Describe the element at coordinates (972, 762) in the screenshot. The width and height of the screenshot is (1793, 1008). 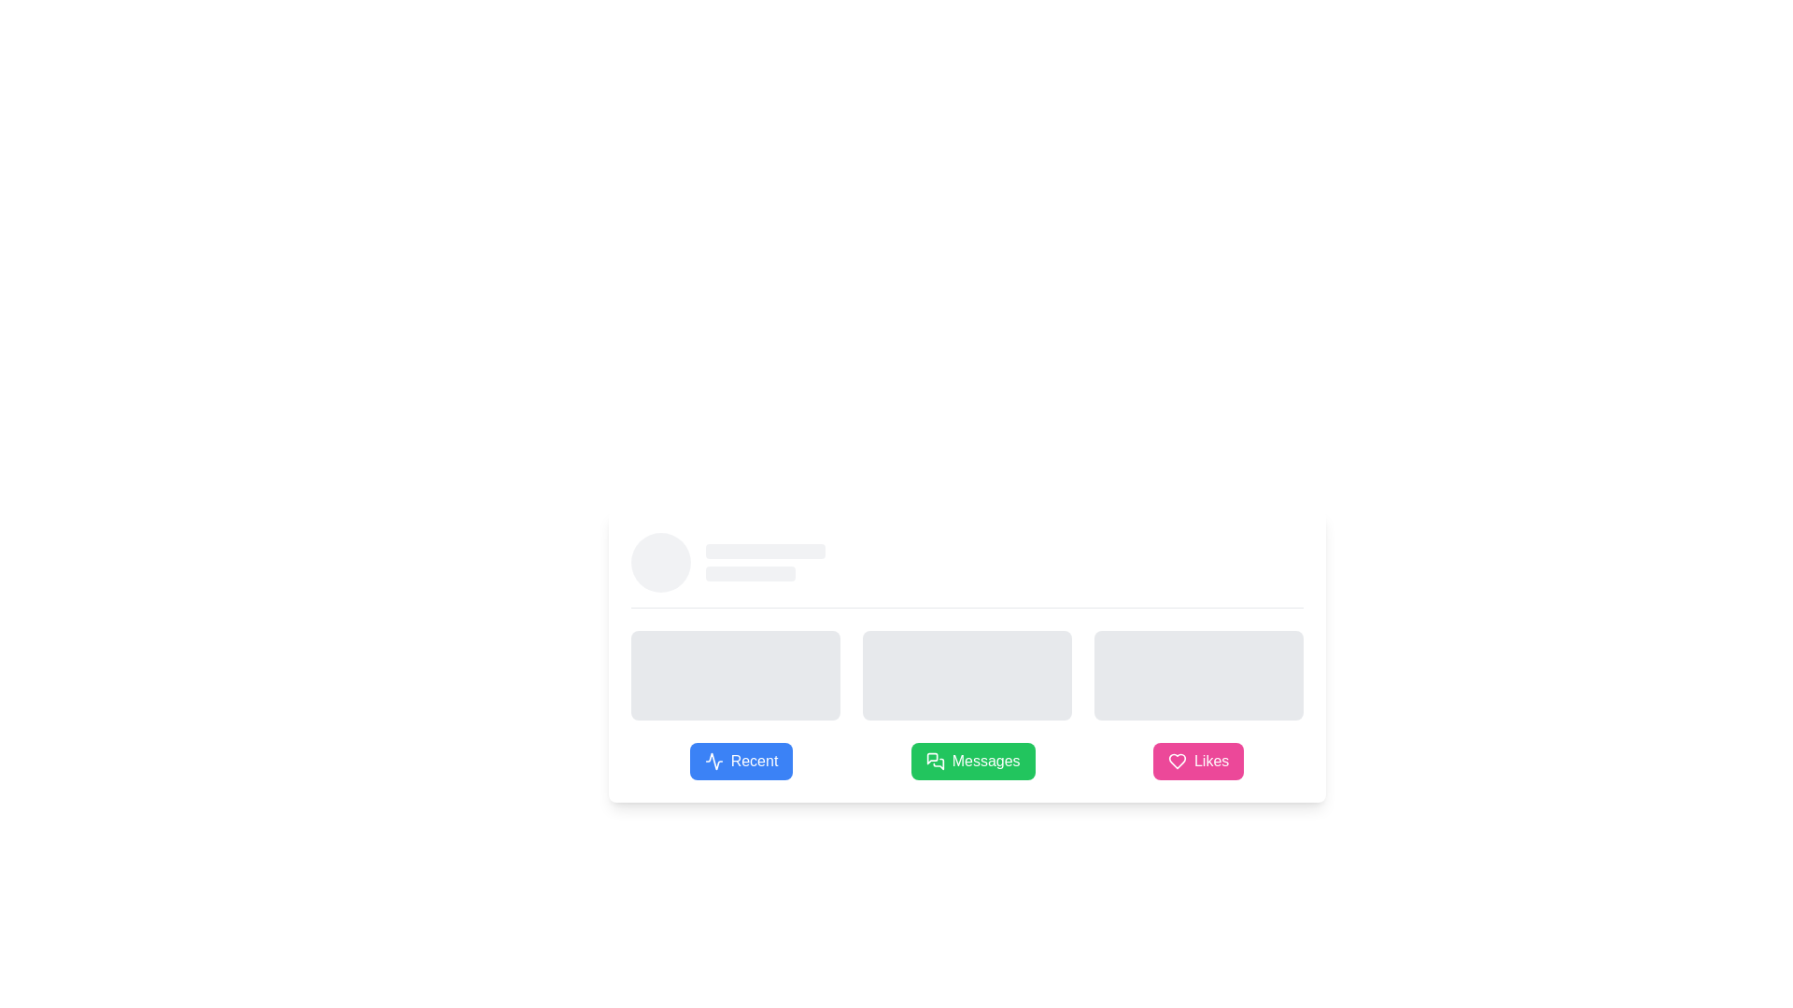
I see `the 'Messages' button, which is centrally positioned between the 'Recent' and 'Likes' buttons, to observe the hover effects` at that location.